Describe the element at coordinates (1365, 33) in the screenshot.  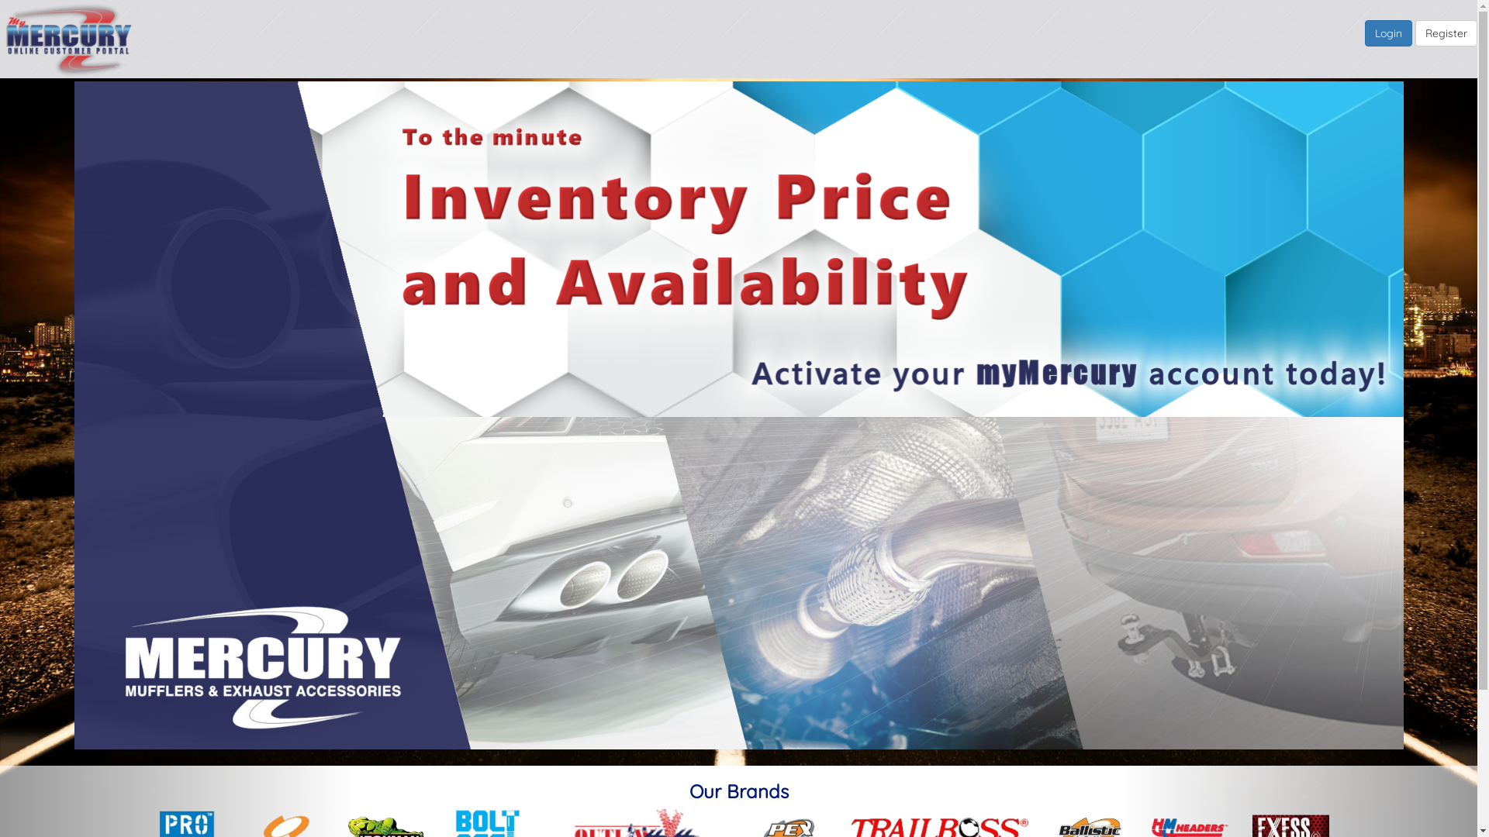
I see `'Login'` at that location.